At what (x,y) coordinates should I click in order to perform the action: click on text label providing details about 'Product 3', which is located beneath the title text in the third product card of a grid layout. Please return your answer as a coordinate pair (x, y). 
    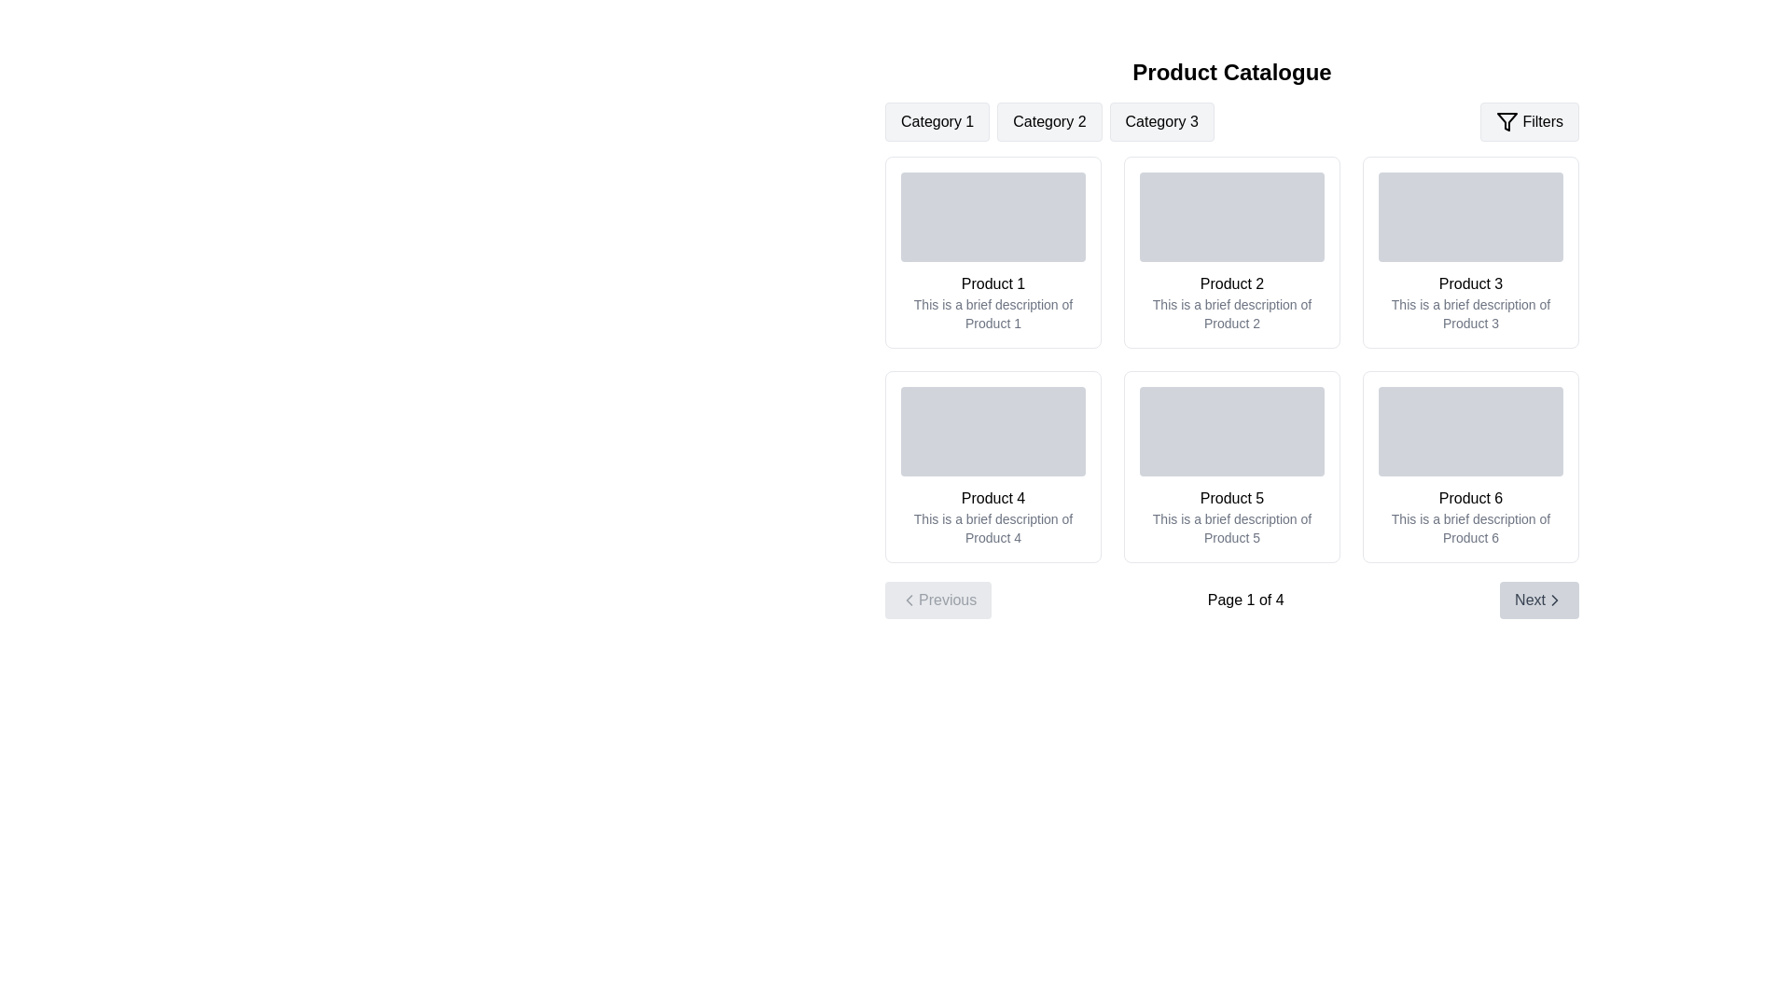
    Looking at the image, I should click on (1470, 312).